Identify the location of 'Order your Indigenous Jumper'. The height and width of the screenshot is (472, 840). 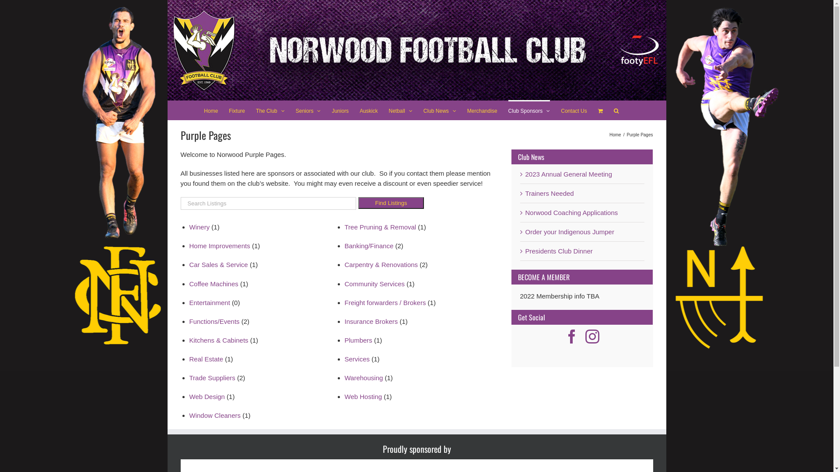
(569, 231).